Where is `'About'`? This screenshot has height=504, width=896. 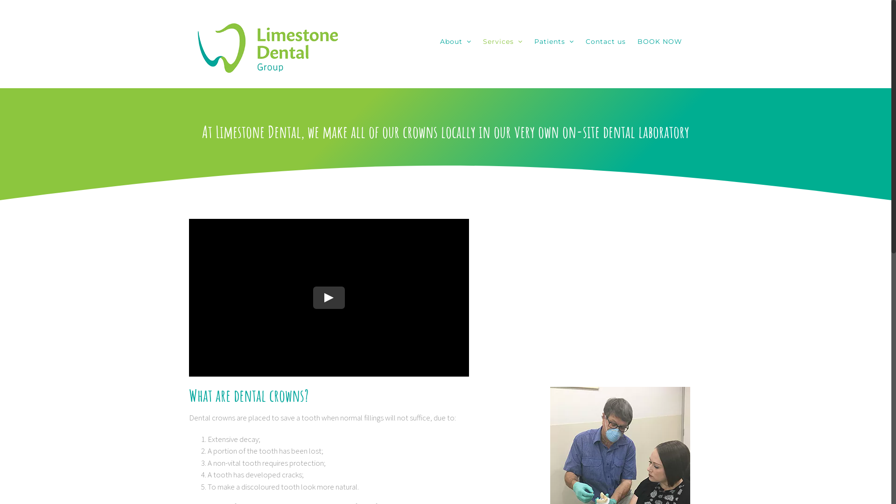
'About' is located at coordinates (439, 41).